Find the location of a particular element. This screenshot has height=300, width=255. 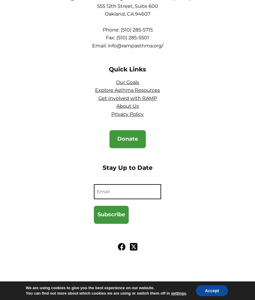

'Get Involved with RAMP' is located at coordinates (127, 97).